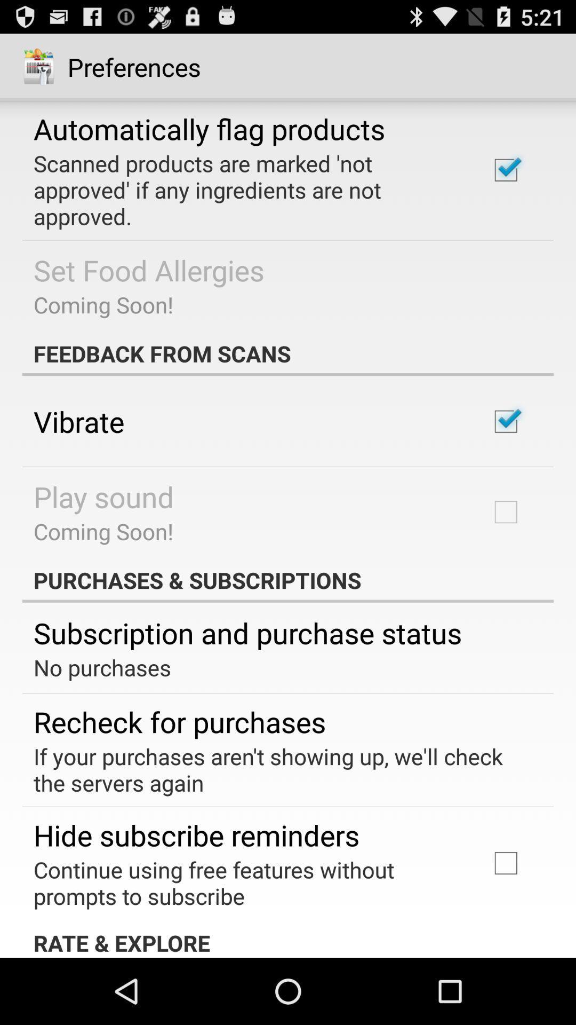  Describe the element at coordinates (179, 721) in the screenshot. I see `icon at the bottom left corner` at that location.